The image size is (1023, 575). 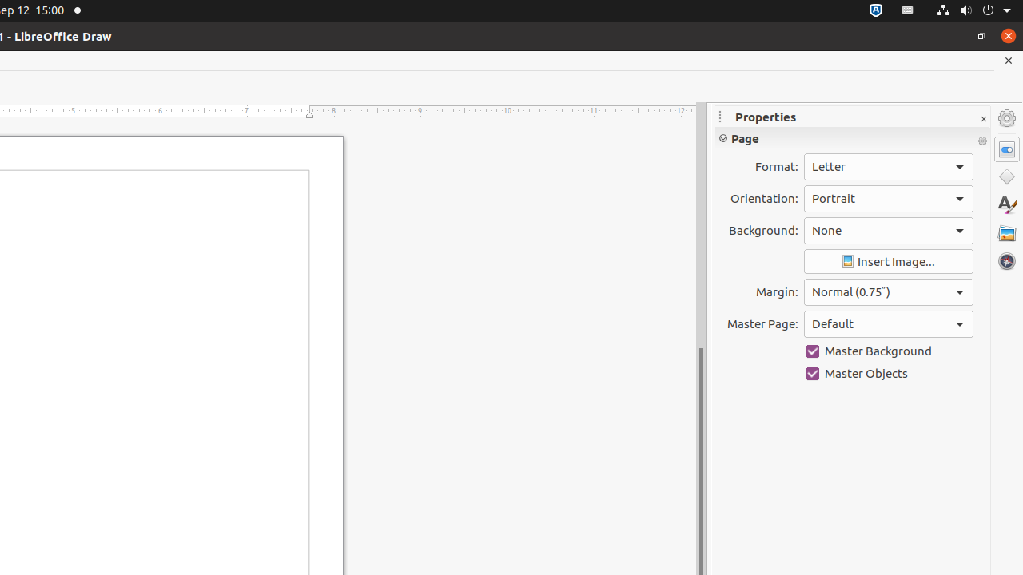 I want to click on 'Background:', so click(x=887, y=231).